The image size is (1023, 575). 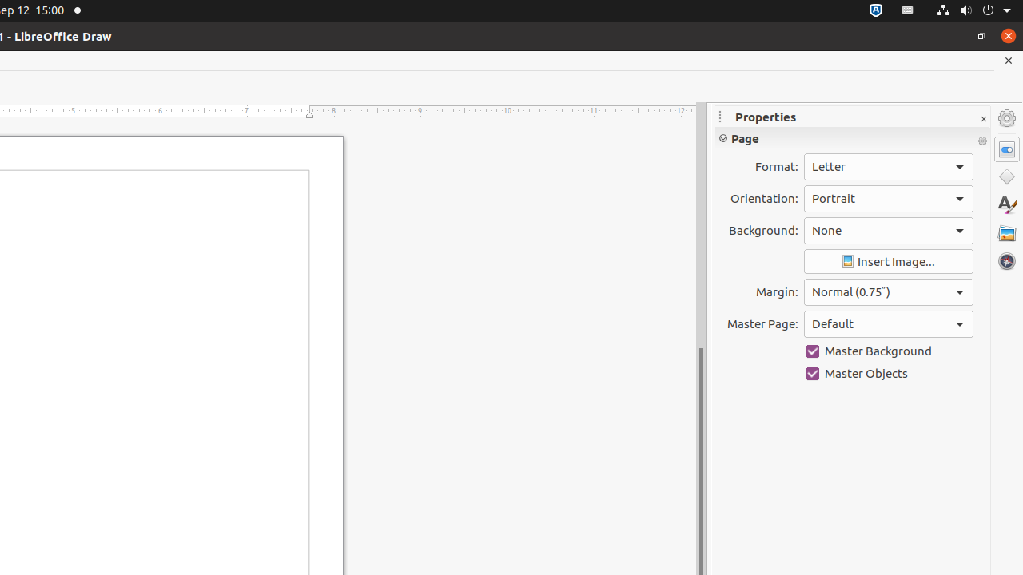 I want to click on 'Background:', so click(x=887, y=231).